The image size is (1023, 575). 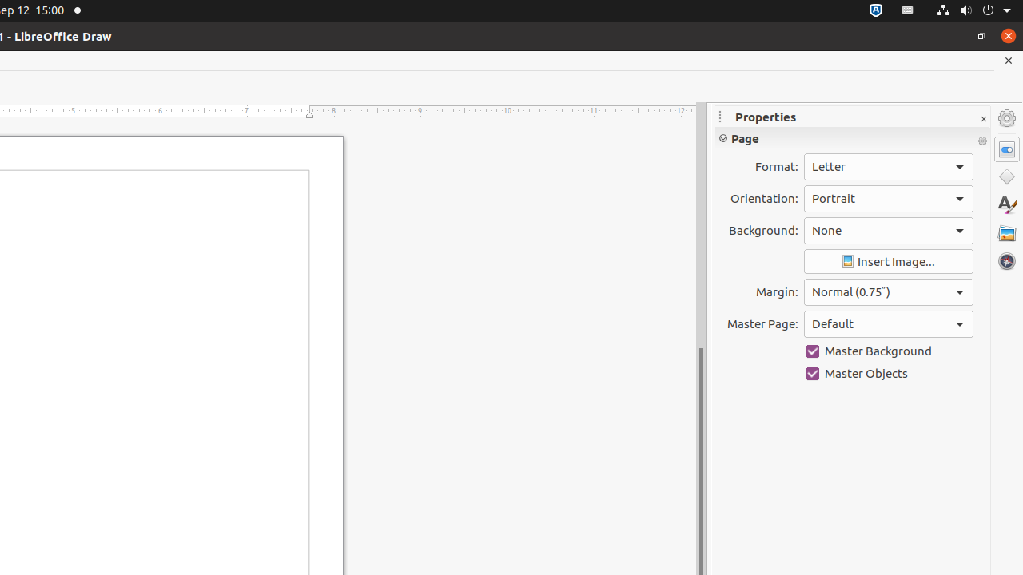 I want to click on 'Background:', so click(x=887, y=231).